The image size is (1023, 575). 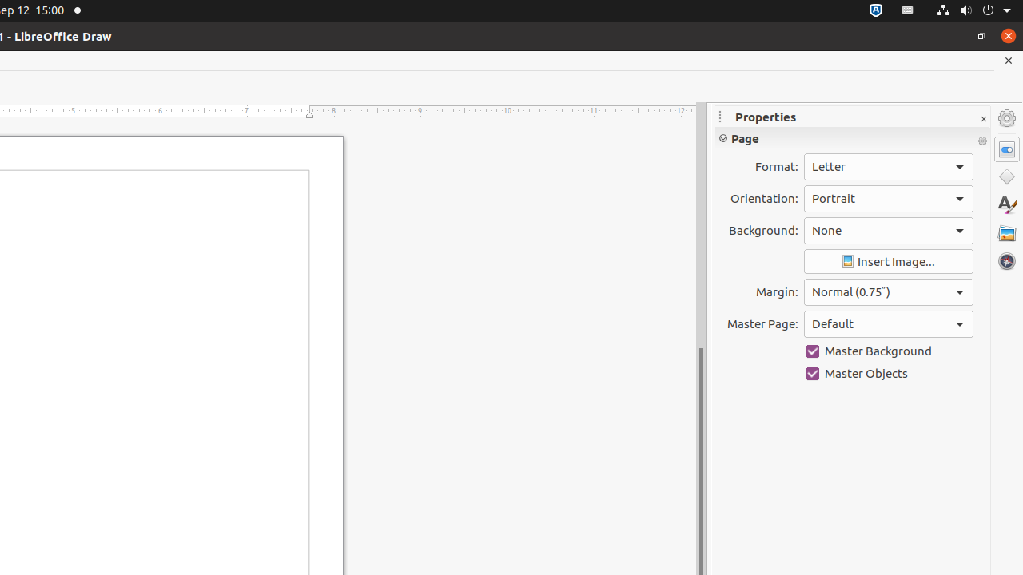 I want to click on 'Background:', so click(x=887, y=231).